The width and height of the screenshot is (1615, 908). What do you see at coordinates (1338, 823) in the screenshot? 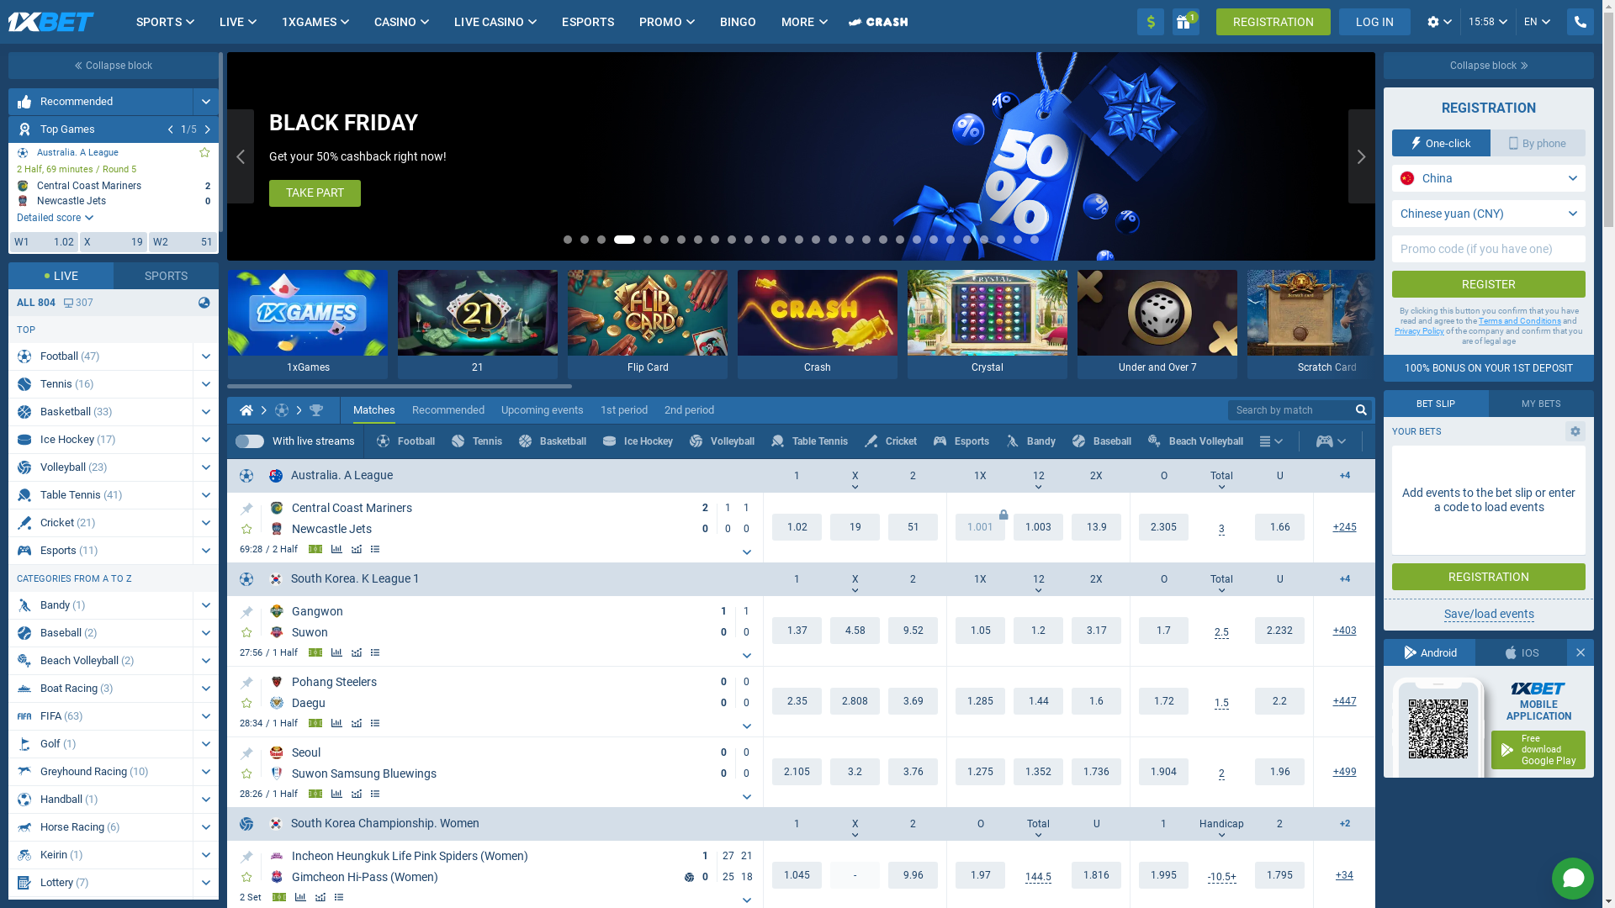
I see `'+2'` at bounding box center [1338, 823].